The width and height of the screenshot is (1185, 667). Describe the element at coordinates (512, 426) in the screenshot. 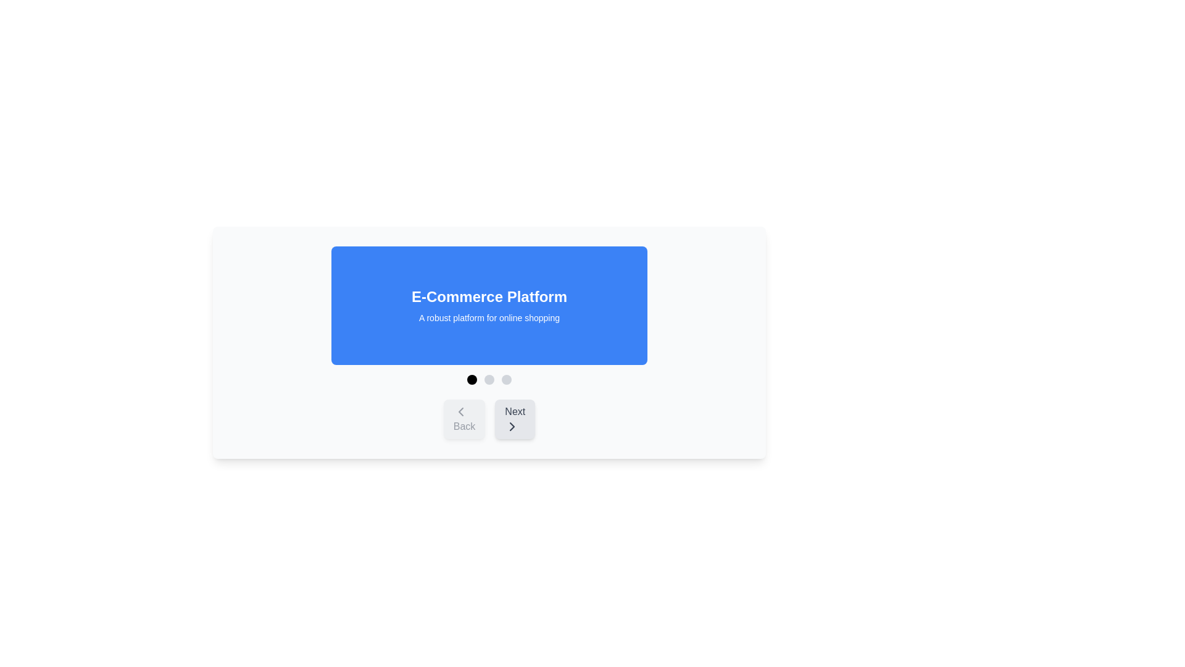

I see `the chevron icon within the 'Next' button` at that location.